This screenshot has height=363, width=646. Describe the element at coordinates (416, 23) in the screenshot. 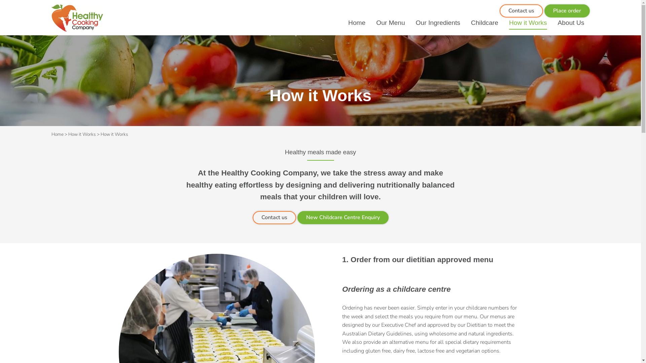

I see `'Our Ingredients'` at that location.